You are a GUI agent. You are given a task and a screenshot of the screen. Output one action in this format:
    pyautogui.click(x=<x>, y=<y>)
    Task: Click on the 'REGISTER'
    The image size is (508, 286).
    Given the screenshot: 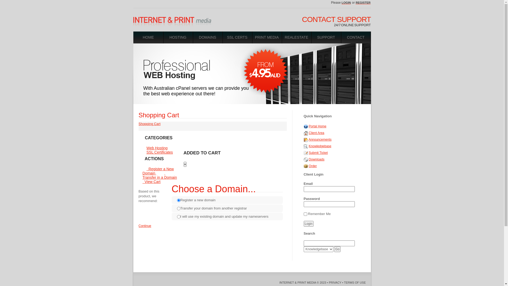 What is the action you would take?
    pyautogui.click(x=363, y=3)
    